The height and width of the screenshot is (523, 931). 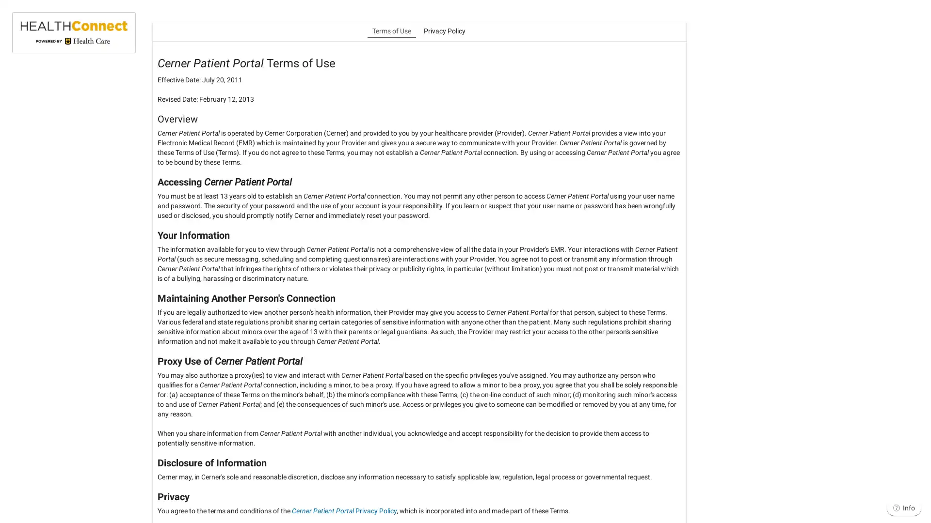 I want to click on Info, so click(x=903, y=508).